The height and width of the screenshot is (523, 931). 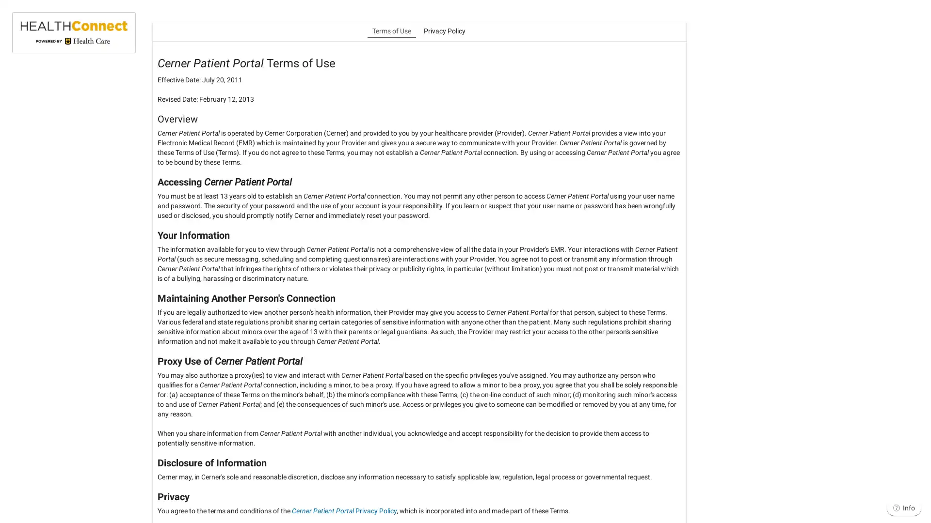 I want to click on Info, so click(x=903, y=508).